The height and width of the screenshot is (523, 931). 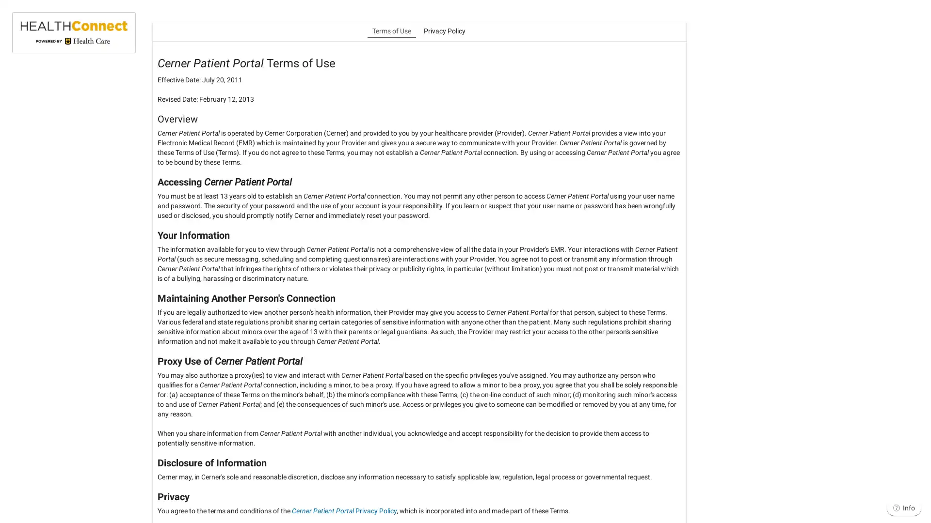 I want to click on Info, so click(x=903, y=508).